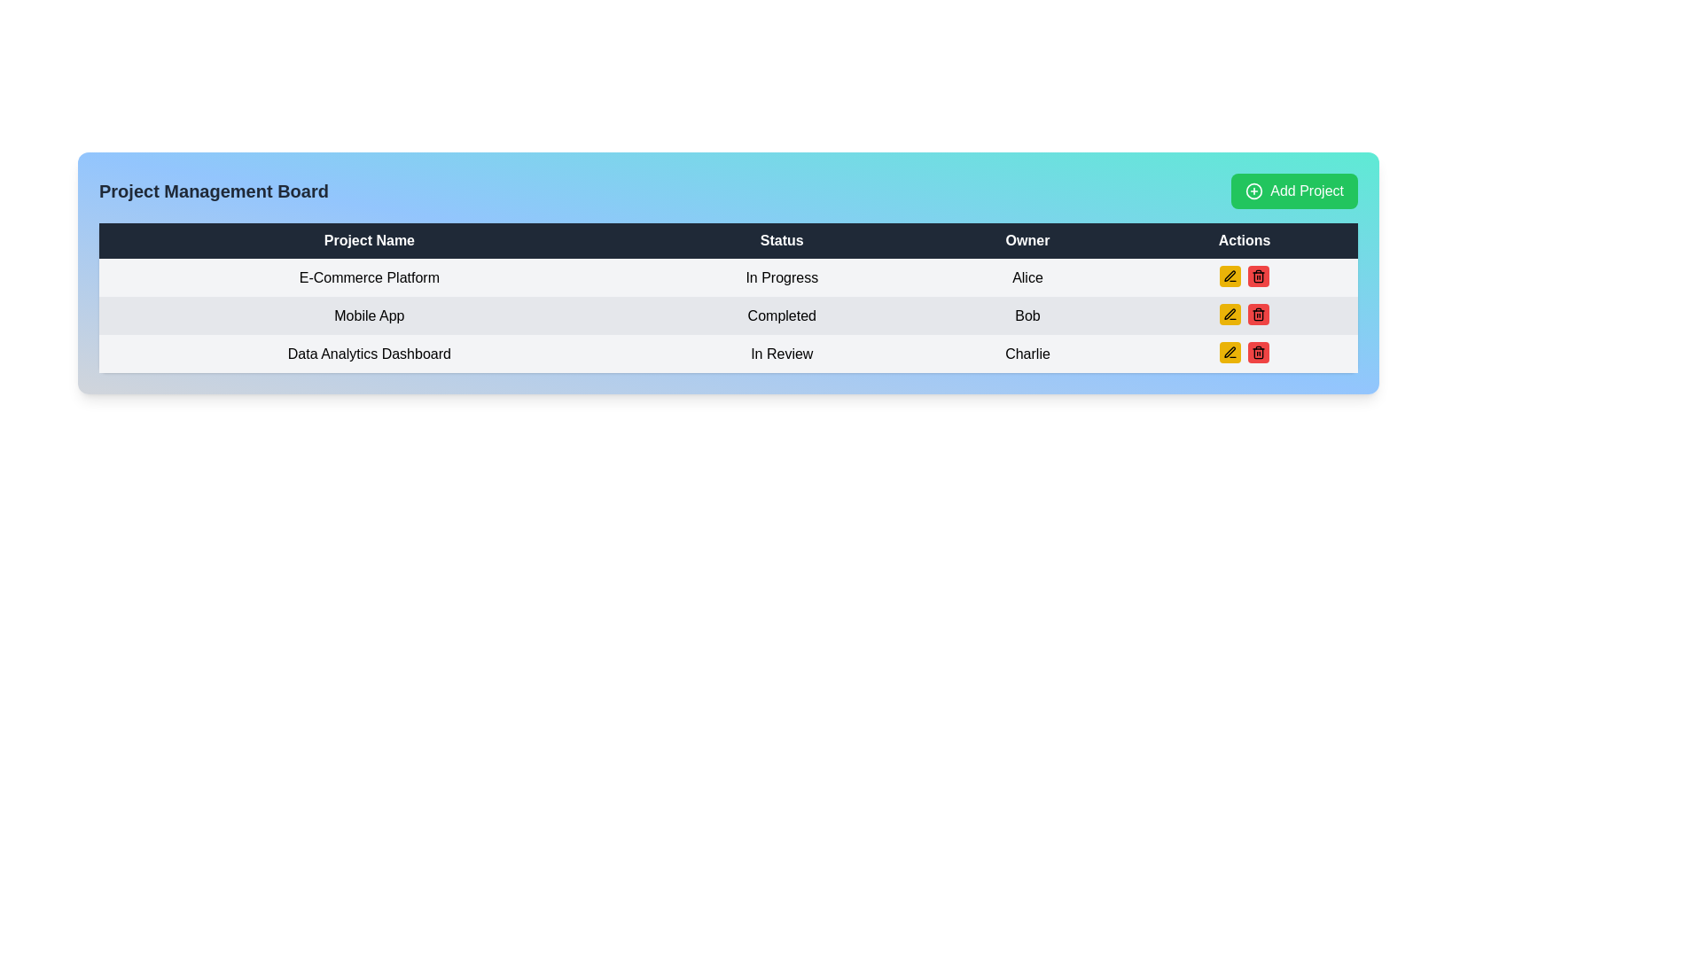 This screenshot has width=1702, height=957. What do you see at coordinates (1253, 191) in the screenshot?
I see `the '+' icon located to the immediate left of the 'Add Project' button` at bounding box center [1253, 191].